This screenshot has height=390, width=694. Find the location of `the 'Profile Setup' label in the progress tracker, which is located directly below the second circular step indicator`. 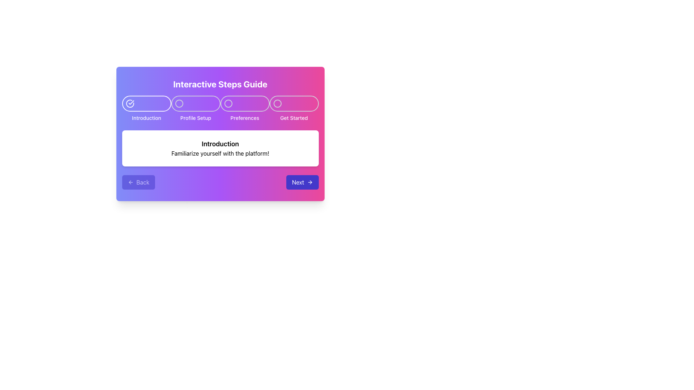

the 'Profile Setup' label in the progress tracker, which is located directly below the second circular step indicator is located at coordinates (196, 118).